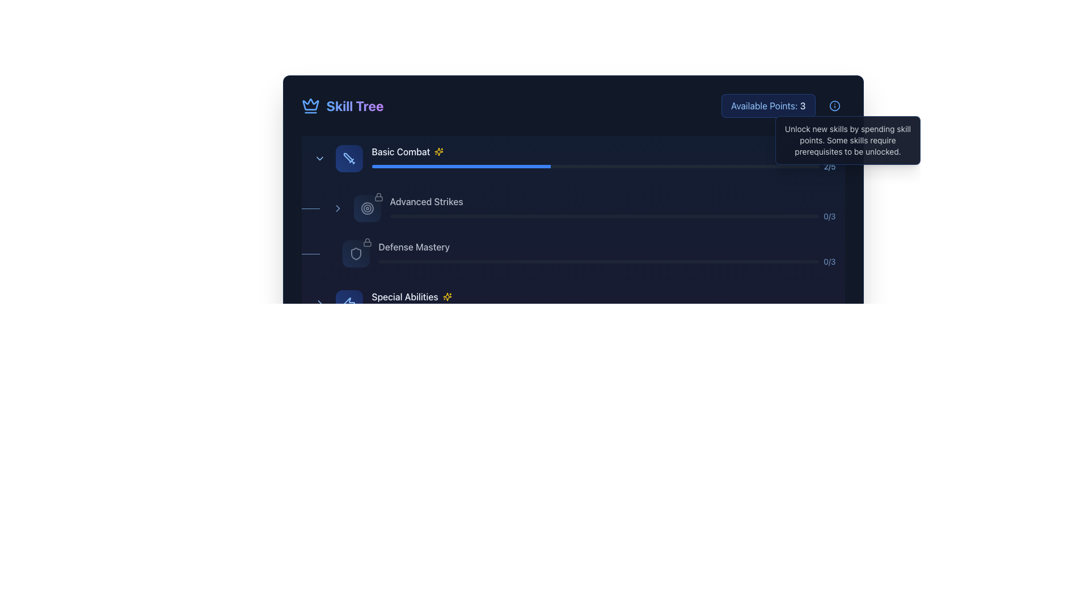  What do you see at coordinates (582, 208) in the screenshot?
I see `the skill entry labeled 'Advanced Strikes' in the skill tree, which is locked and shows progress '0/3', located under 'Basic Combat' and above 'Defense Mastery'` at bounding box center [582, 208].